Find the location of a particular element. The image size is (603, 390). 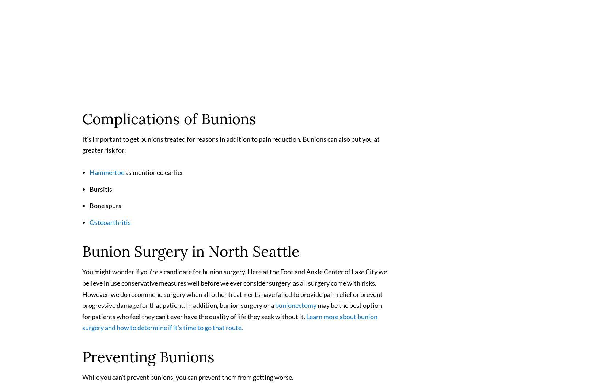

'Complications of Bunions' is located at coordinates (168, 121).